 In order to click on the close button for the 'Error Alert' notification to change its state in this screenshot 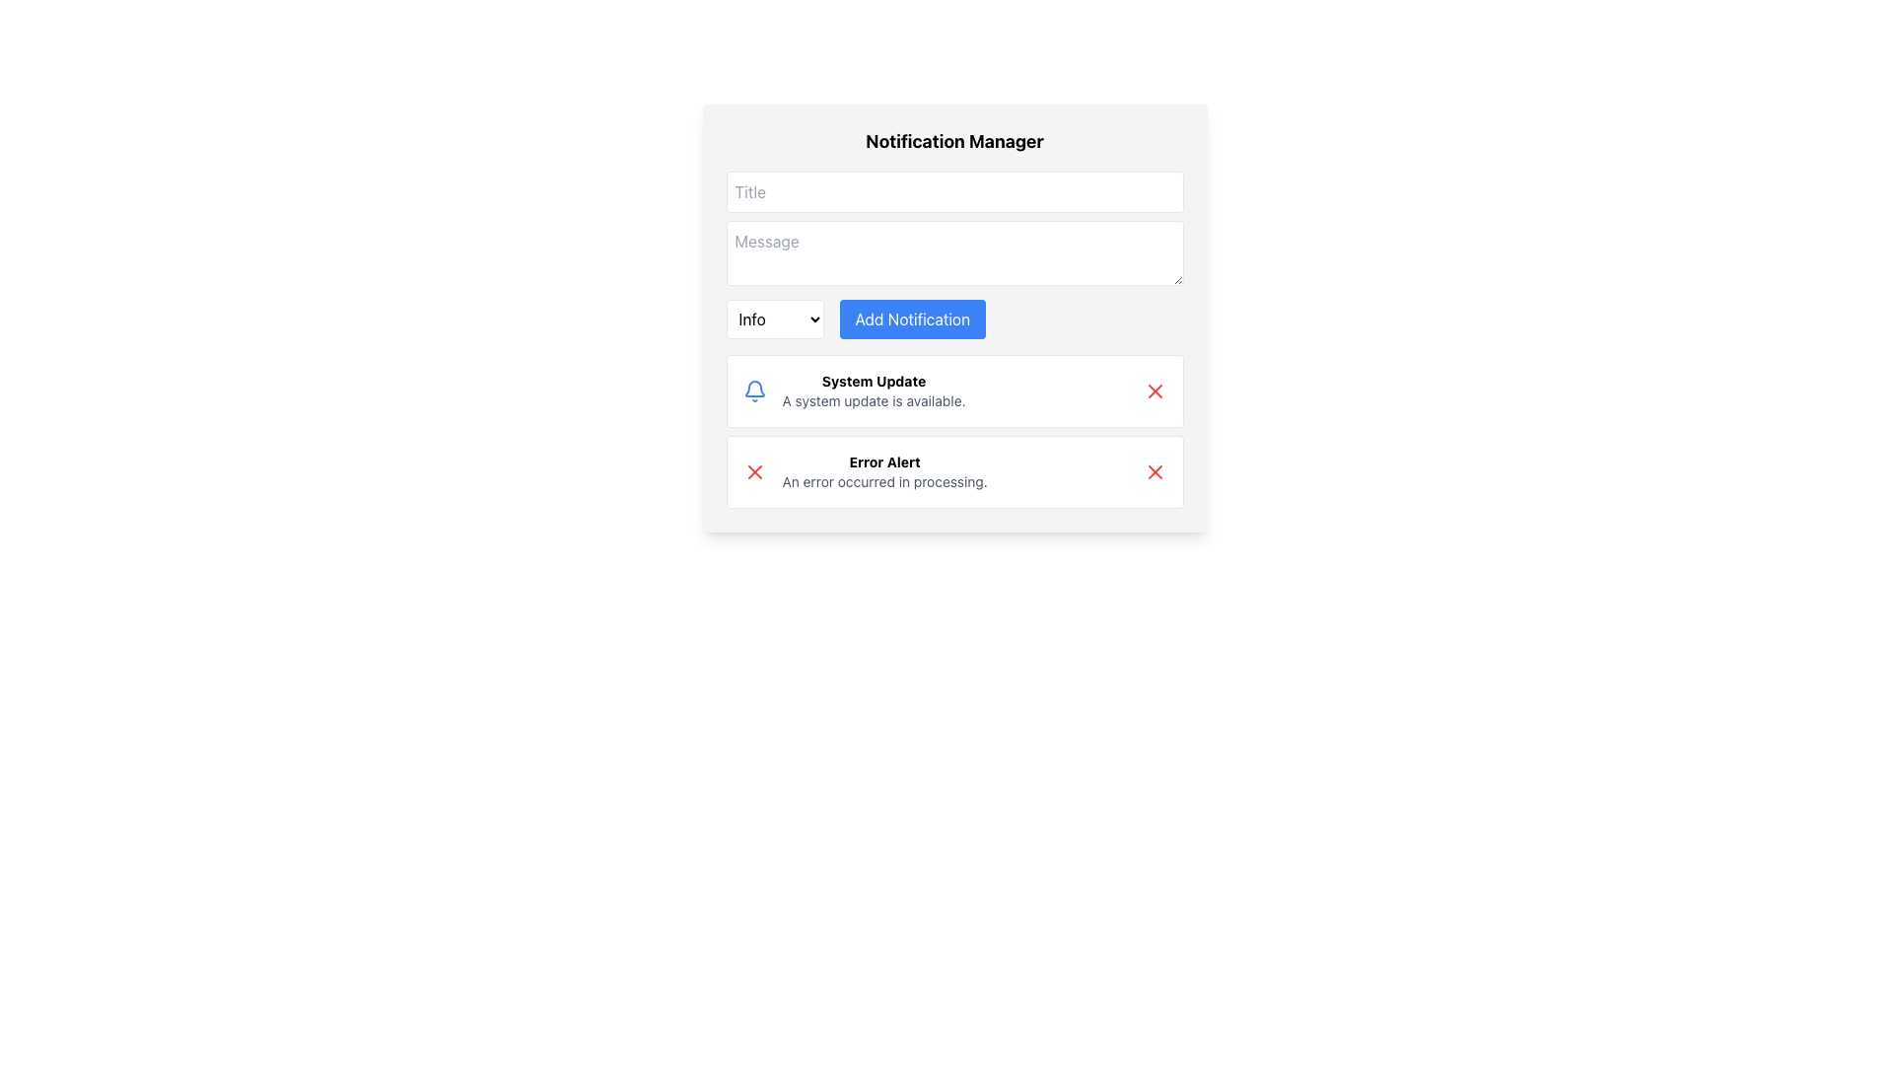, I will do `click(1155, 471)`.